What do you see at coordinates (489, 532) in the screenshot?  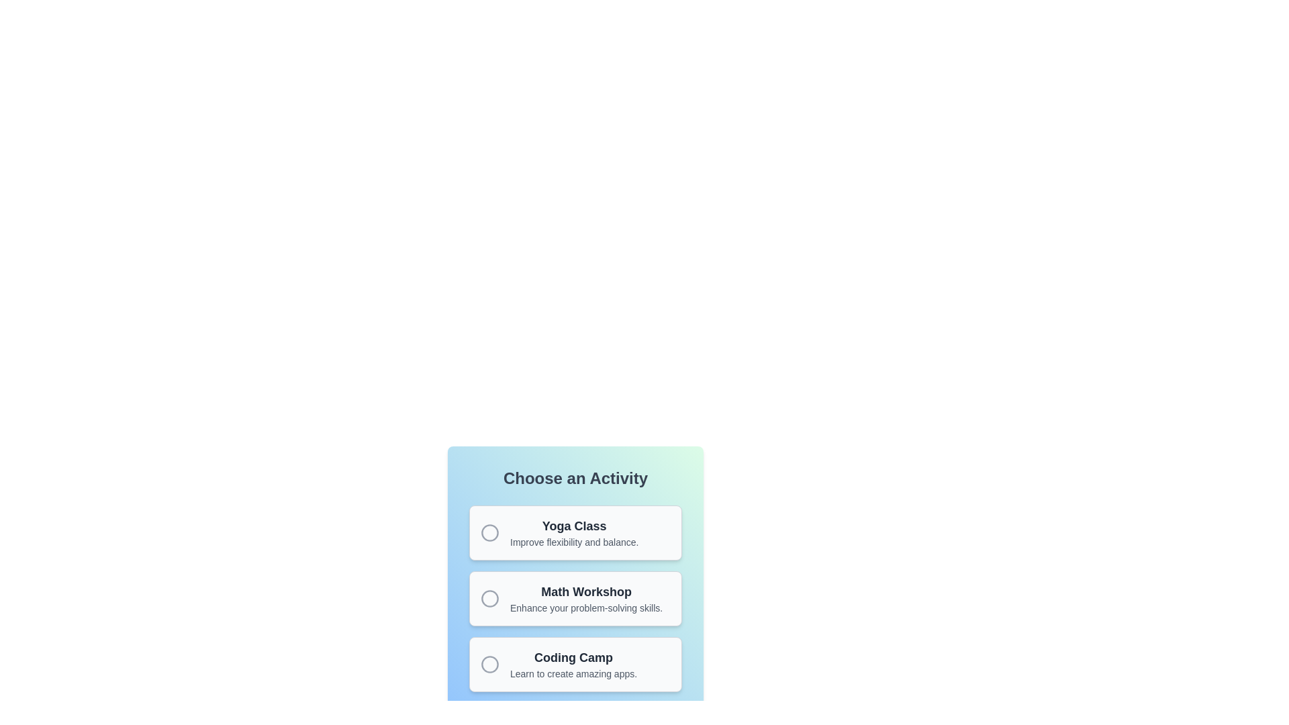 I see `the innermost circular graphic element within the 'Yoga Class' button` at bounding box center [489, 532].